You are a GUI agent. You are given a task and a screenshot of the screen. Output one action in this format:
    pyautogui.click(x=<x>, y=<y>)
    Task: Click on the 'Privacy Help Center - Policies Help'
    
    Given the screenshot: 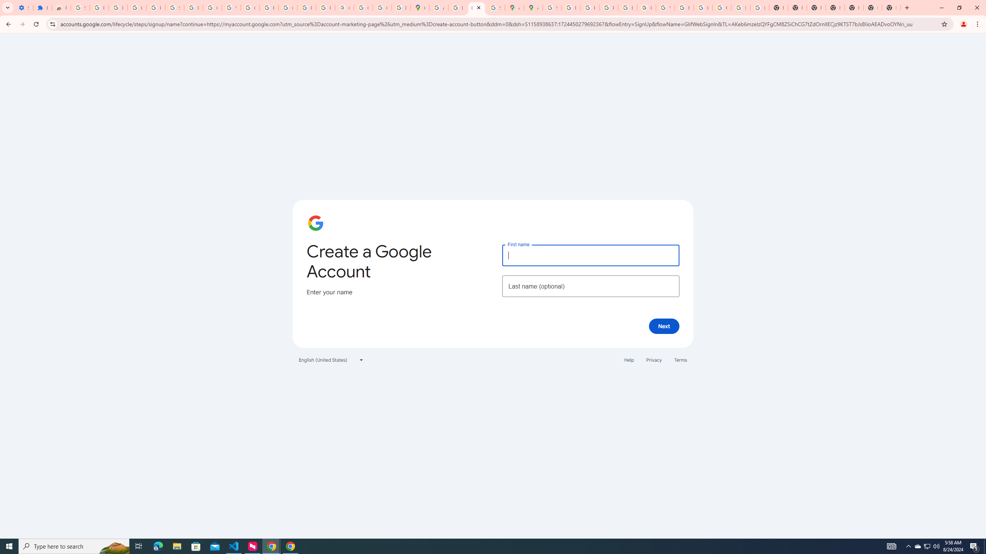 What is the action you would take?
    pyautogui.click(x=589, y=7)
    